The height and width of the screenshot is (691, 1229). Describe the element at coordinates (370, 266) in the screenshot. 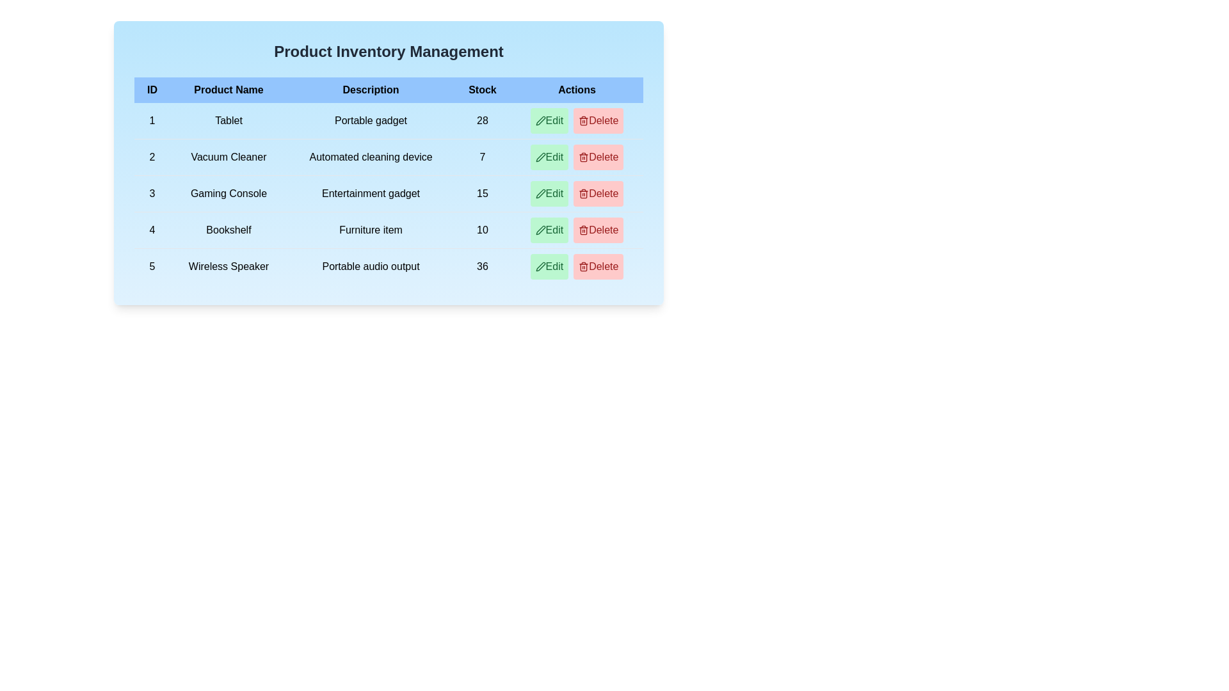

I see `the 'Description' Text Label in the fifth row of the table, which displays descriptive text for the product located between 'Wireless Speaker' and '36'` at that location.